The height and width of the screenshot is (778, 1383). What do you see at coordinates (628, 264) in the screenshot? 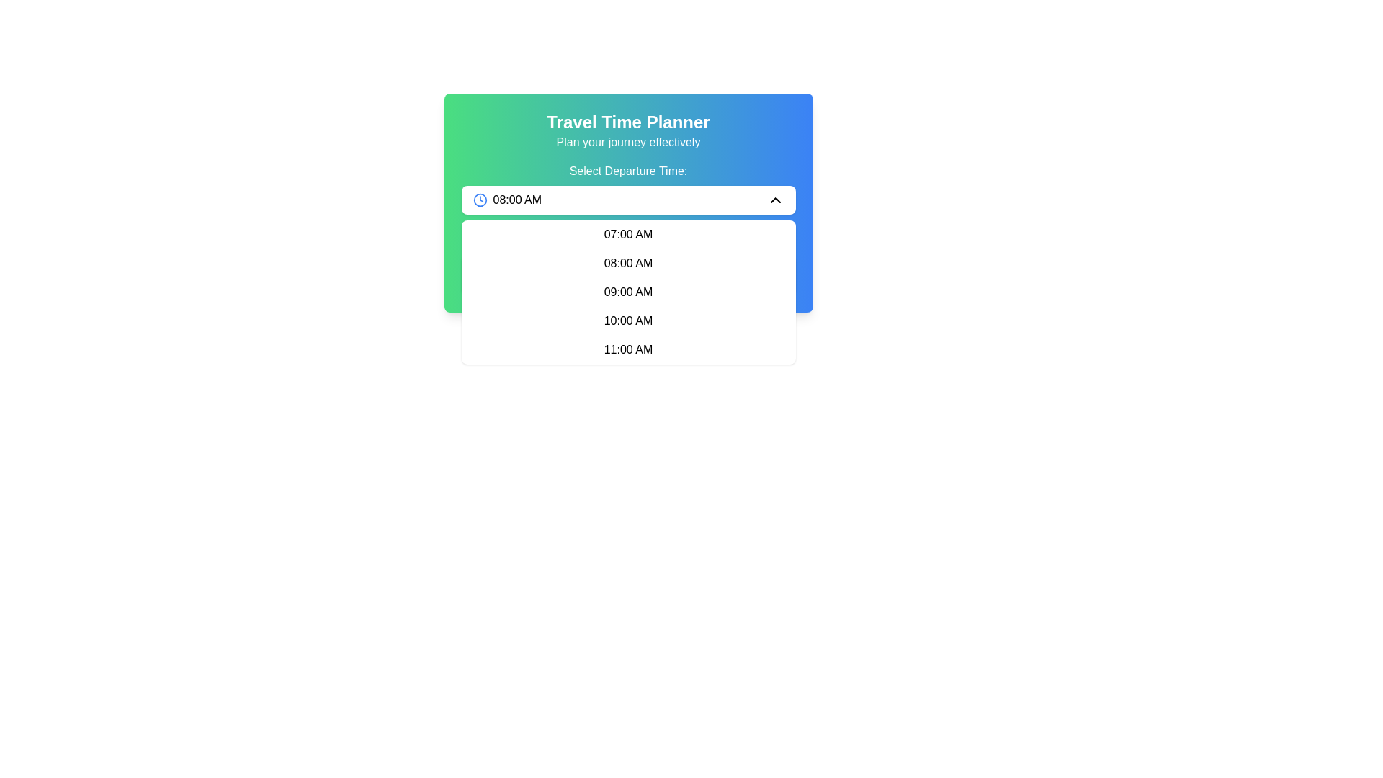
I see `the dropdown menu item displaying '08:00 AM', which is the second option in the list of time selections under 'Select Departure Time'` at bounding box center [628, 264].